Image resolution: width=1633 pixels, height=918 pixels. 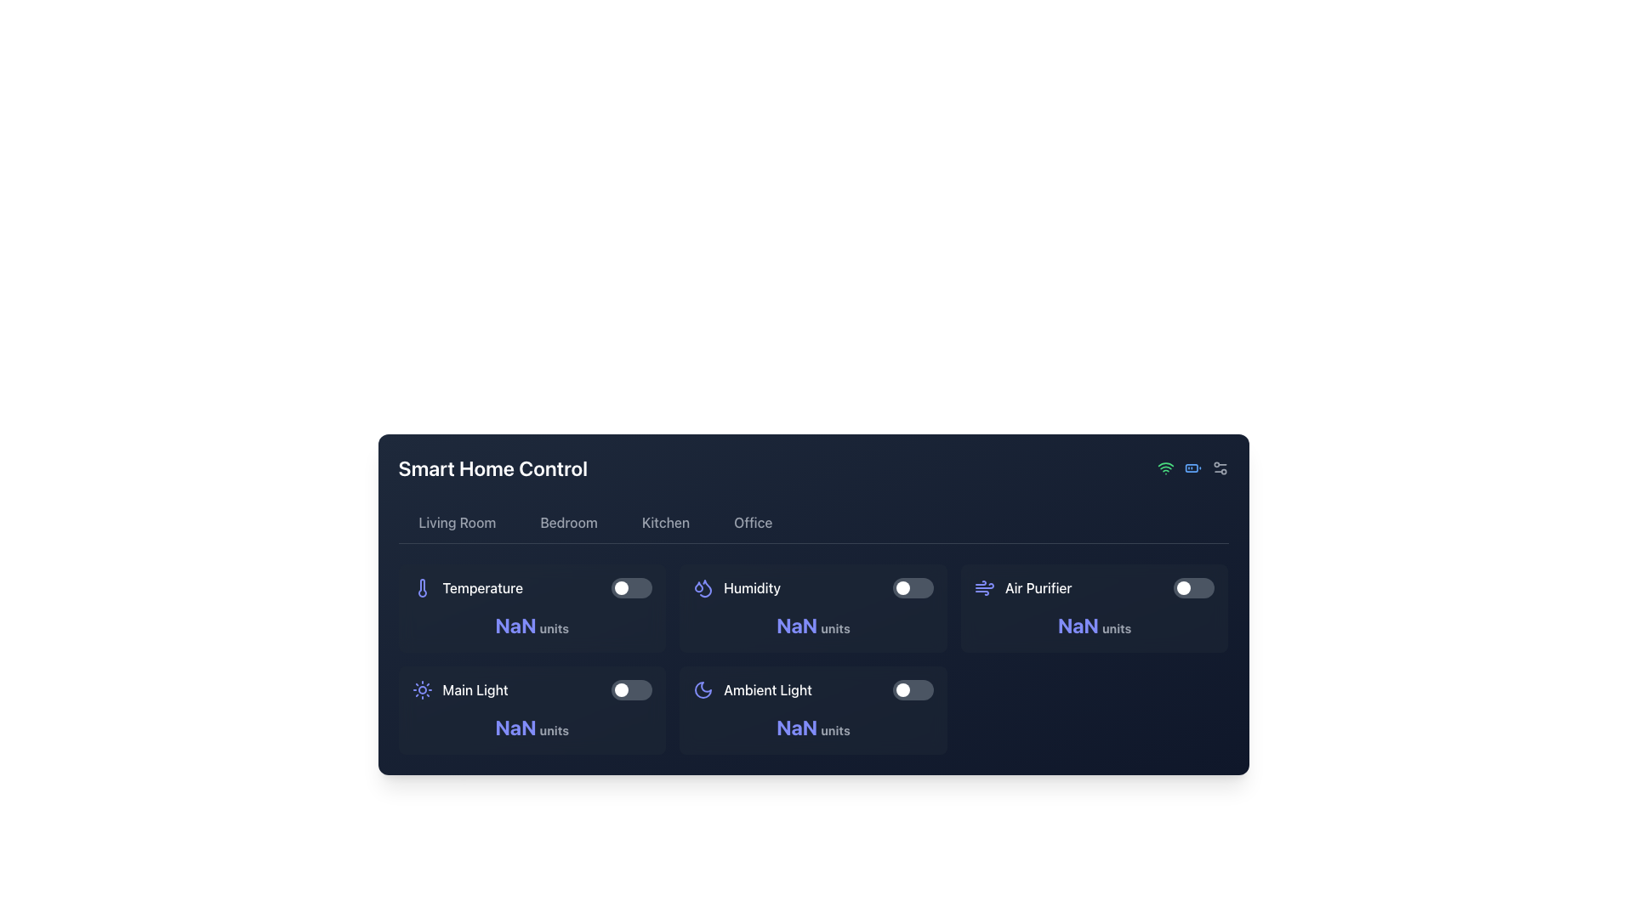 What do you see at coordinates (812, 626) in the screenshot?
I see `displayed text 'NaNunits' from the Text and value display component located in the lower section of the 'Humidity' card in the smart home control interface` at bounding box center [812, 626].